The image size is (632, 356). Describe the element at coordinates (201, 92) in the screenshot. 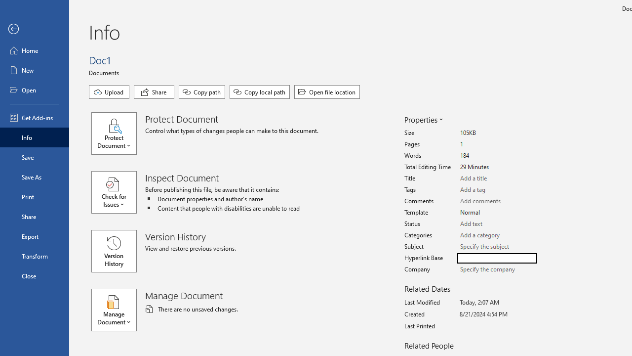

I see `'Copy path'` at that location.